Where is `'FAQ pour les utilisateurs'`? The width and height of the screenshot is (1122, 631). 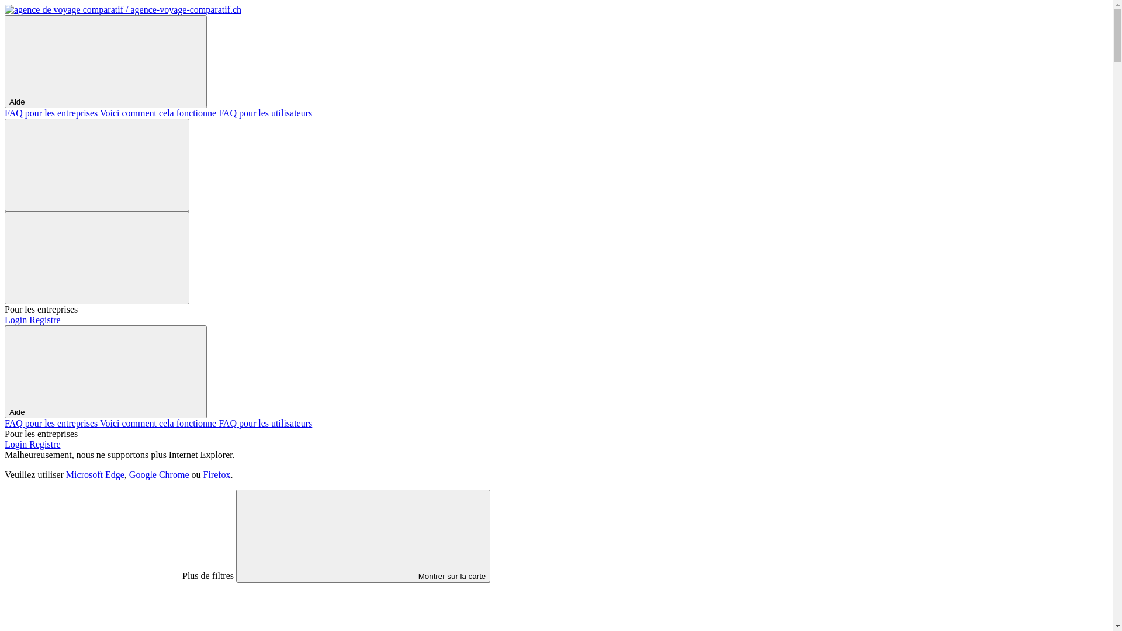
'FAQ pour les utilisateurs' is located at coordinates (265, 423).